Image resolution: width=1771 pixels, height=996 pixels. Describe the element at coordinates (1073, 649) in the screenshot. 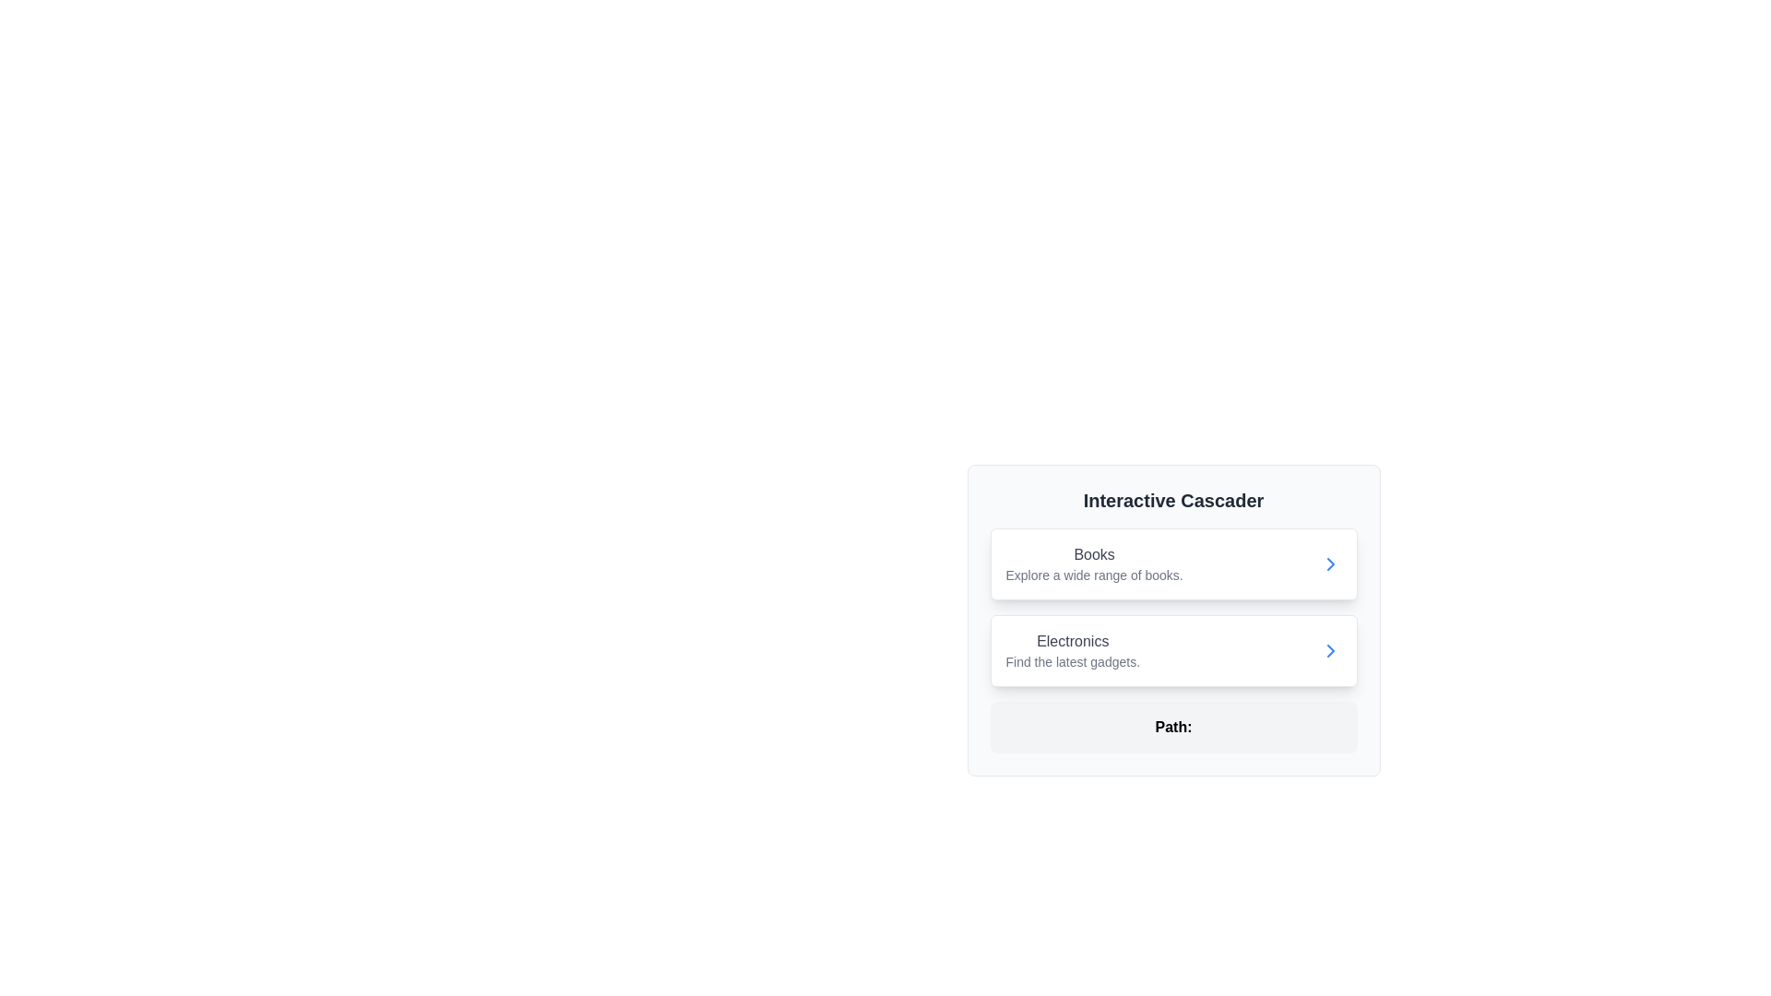

I see `the 'Electronics' option in the cascading menu` at that location.